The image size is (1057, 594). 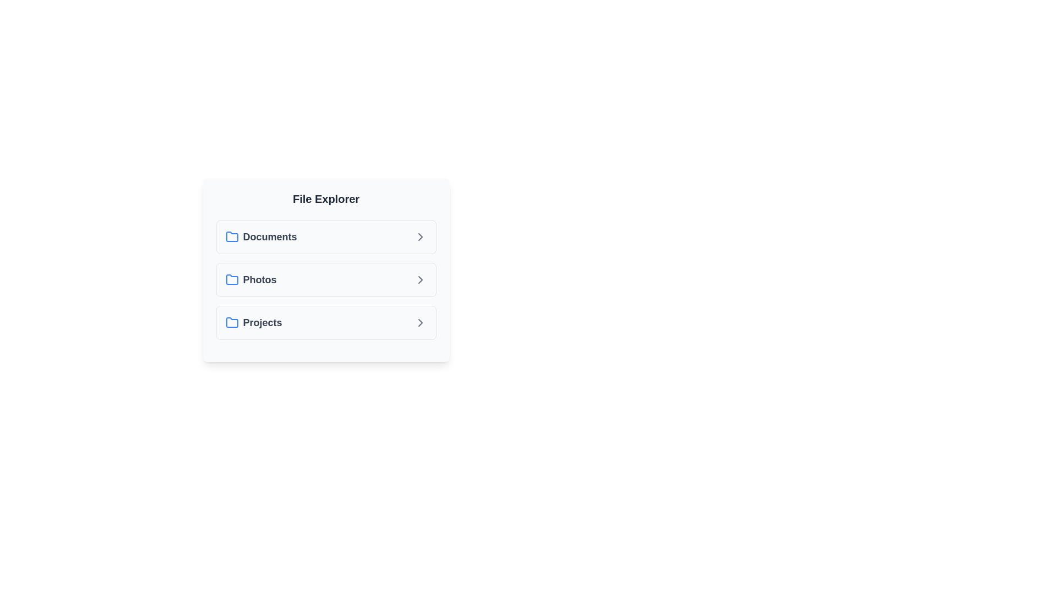 What do you see at coordinates (325, 322) in the screenshot?
I see `the folder named Projects to highlight it` at bounding box center [325, 322].